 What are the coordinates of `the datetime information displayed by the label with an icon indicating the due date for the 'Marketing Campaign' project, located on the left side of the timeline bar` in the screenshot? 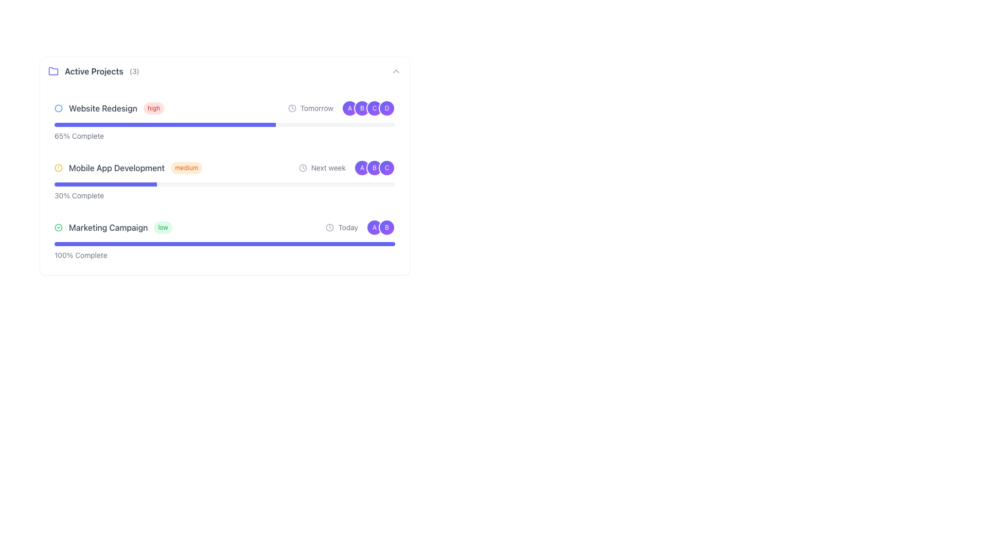 It's located at (342, 227).